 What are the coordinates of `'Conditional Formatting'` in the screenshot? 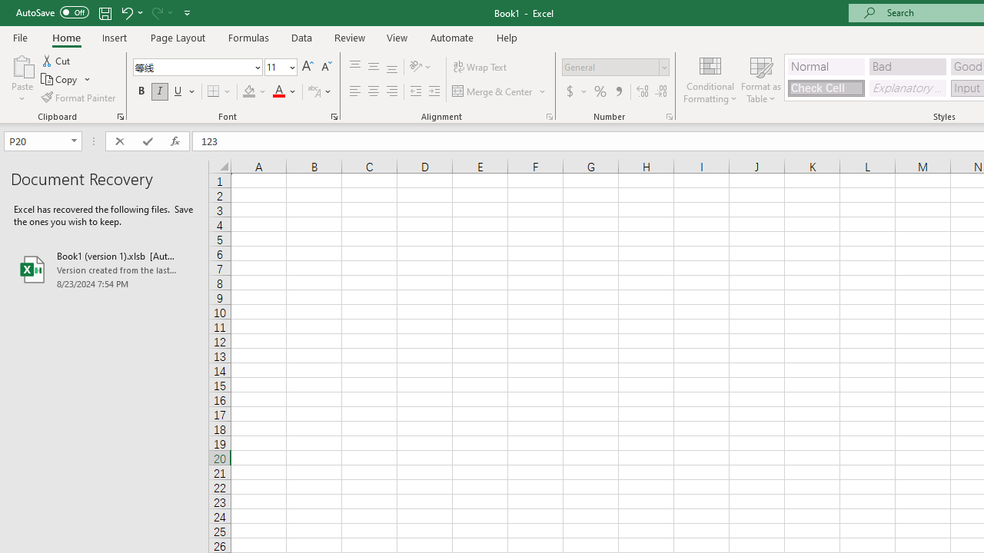 It's located at (710, 79).